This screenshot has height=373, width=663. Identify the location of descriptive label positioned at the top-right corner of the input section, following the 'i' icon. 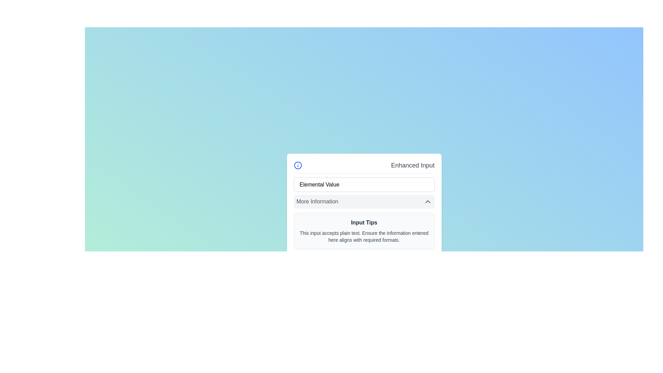
(413, 165).